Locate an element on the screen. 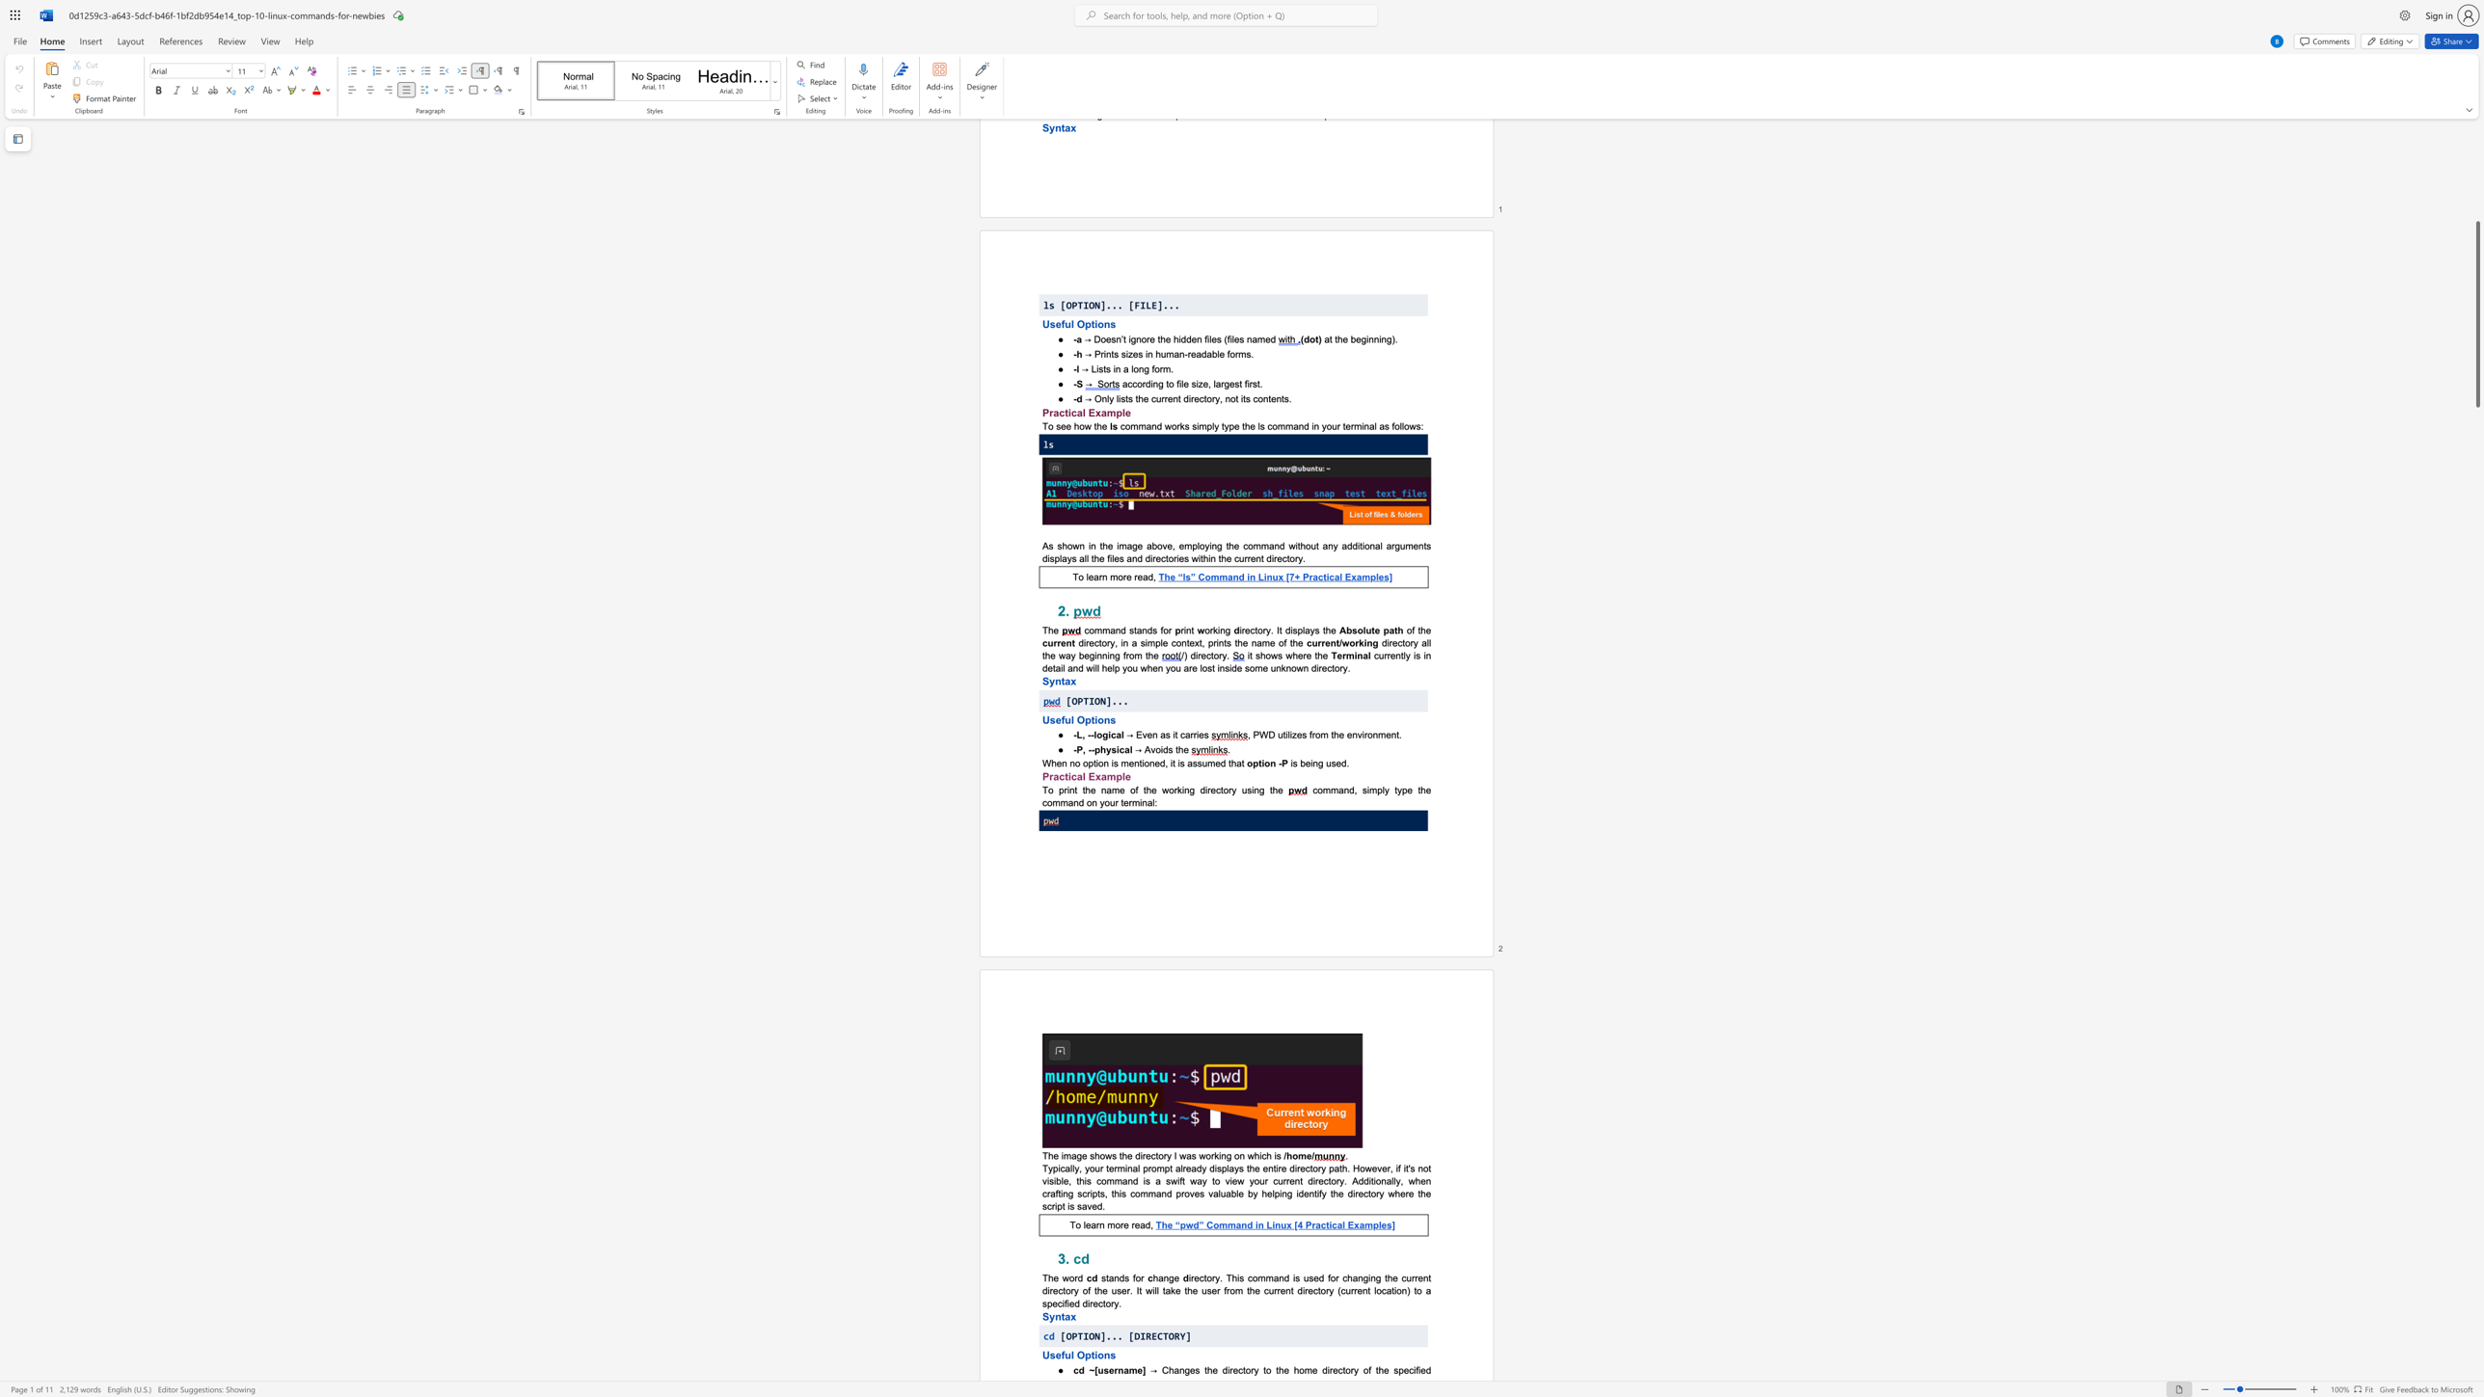 This screenshot has width=2484, height=1397. the subset text "working on" within the text "The image shows the directory I was working on which is" is located at coordinates (1198, 1155).